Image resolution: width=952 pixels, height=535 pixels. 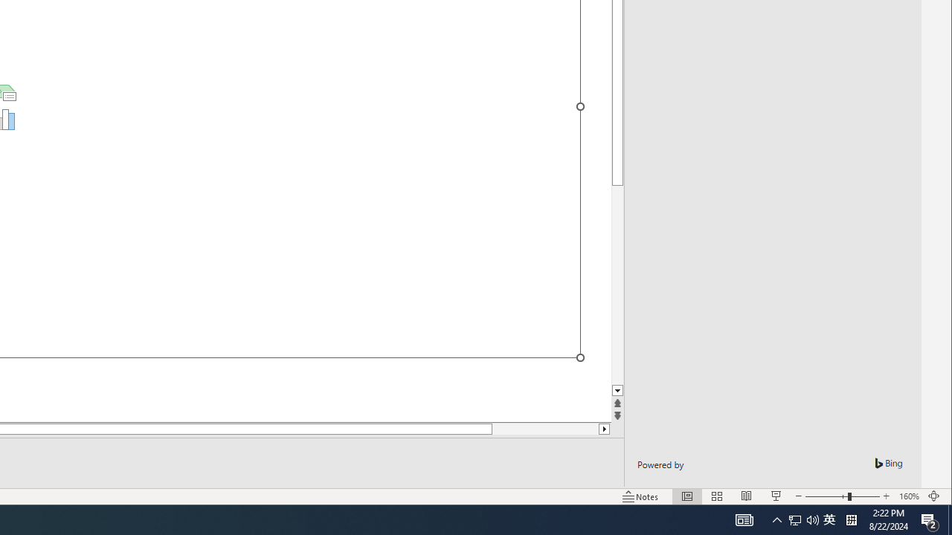 I want to click on 'Tray Input Indicator - Chinese (Simplified, China)', so click(x=851, y=519).